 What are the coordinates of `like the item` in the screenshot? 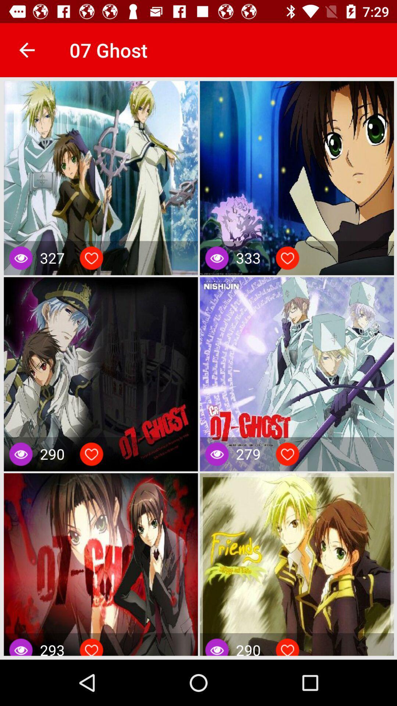 It's located at (91, 649).